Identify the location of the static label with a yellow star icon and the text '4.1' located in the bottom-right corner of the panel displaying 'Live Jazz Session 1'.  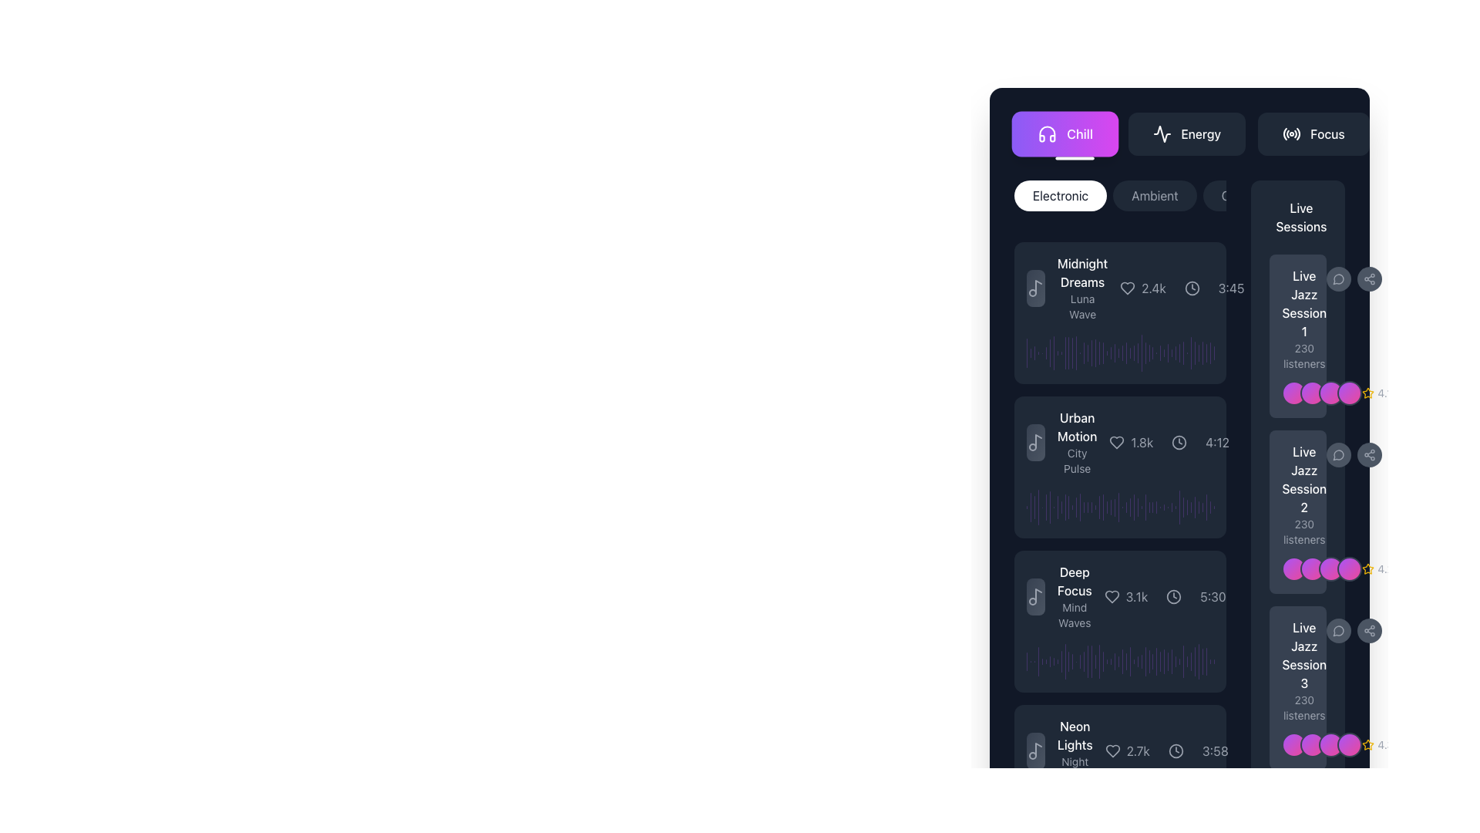
(1377, 392).